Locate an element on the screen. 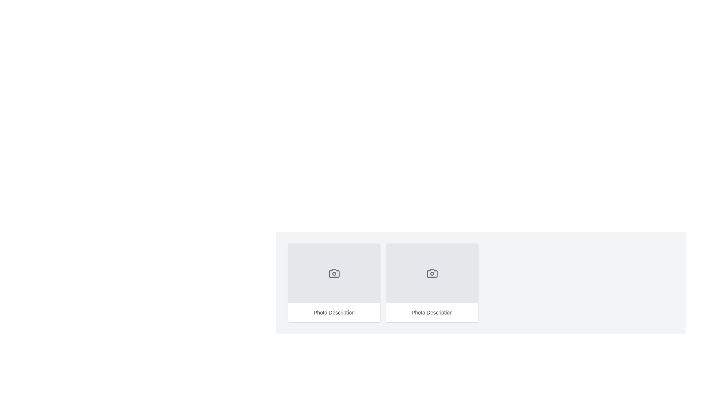 The height and width of the screenshot is (401, 713). the Card component in the second column of the grid layout is located at coordinates (432, 283).